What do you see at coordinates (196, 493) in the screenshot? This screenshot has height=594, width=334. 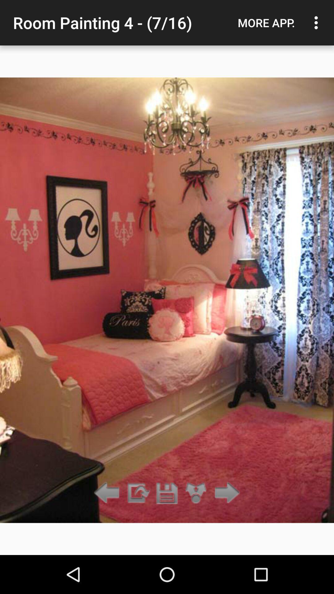 I see `the share icon` at bounding box center [196, 493].